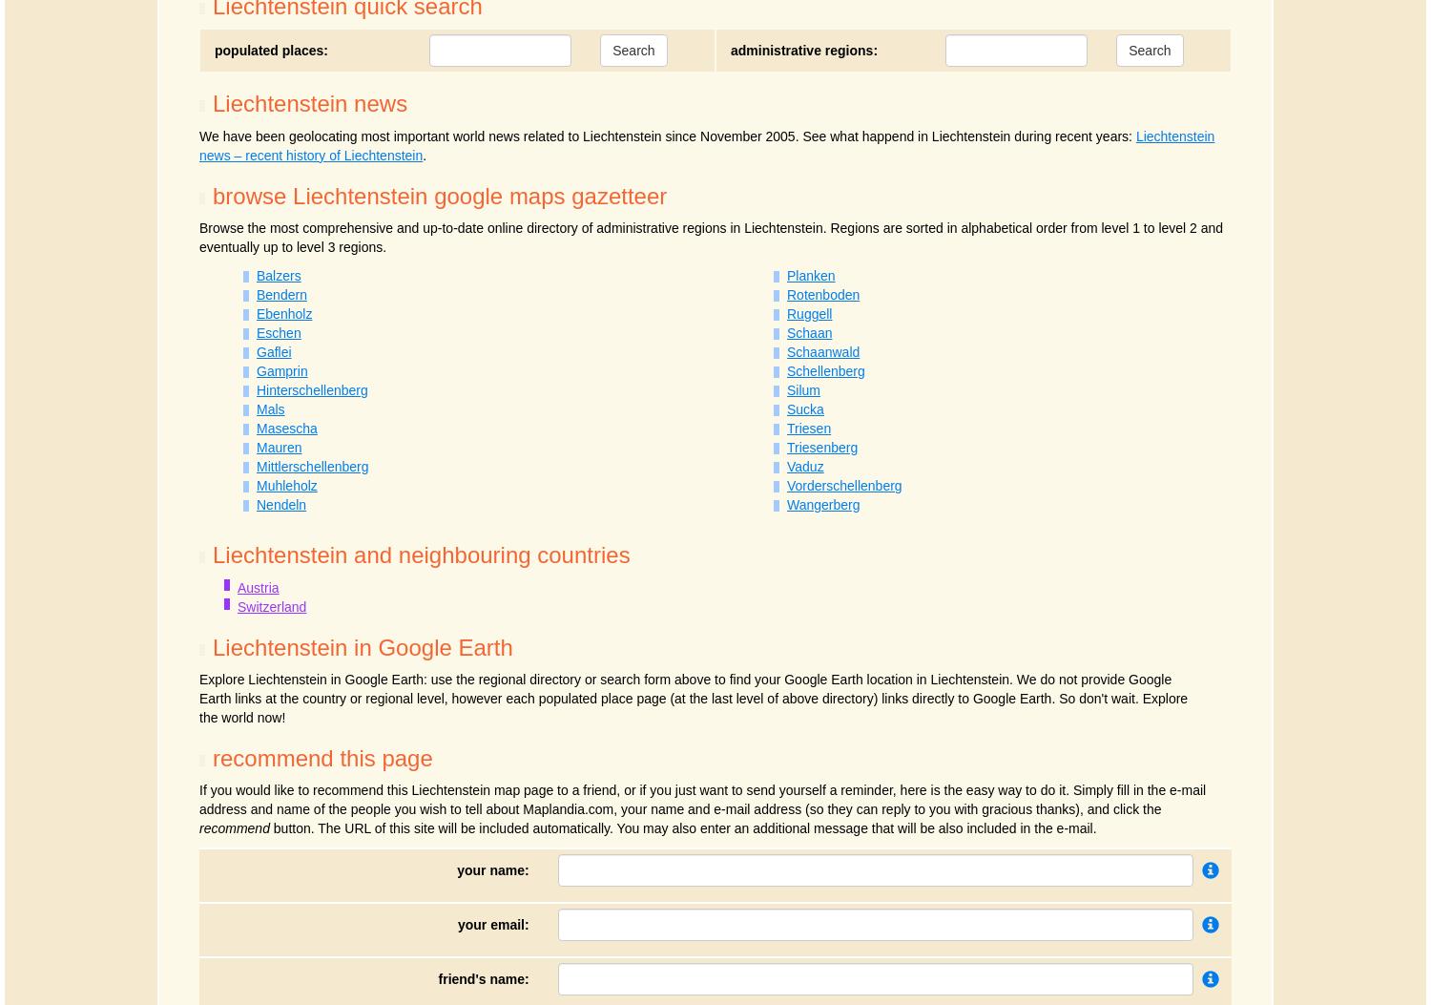 This screenshot has height=1005, width=1431. I want to click on 'Bendern', so click(256, 294).